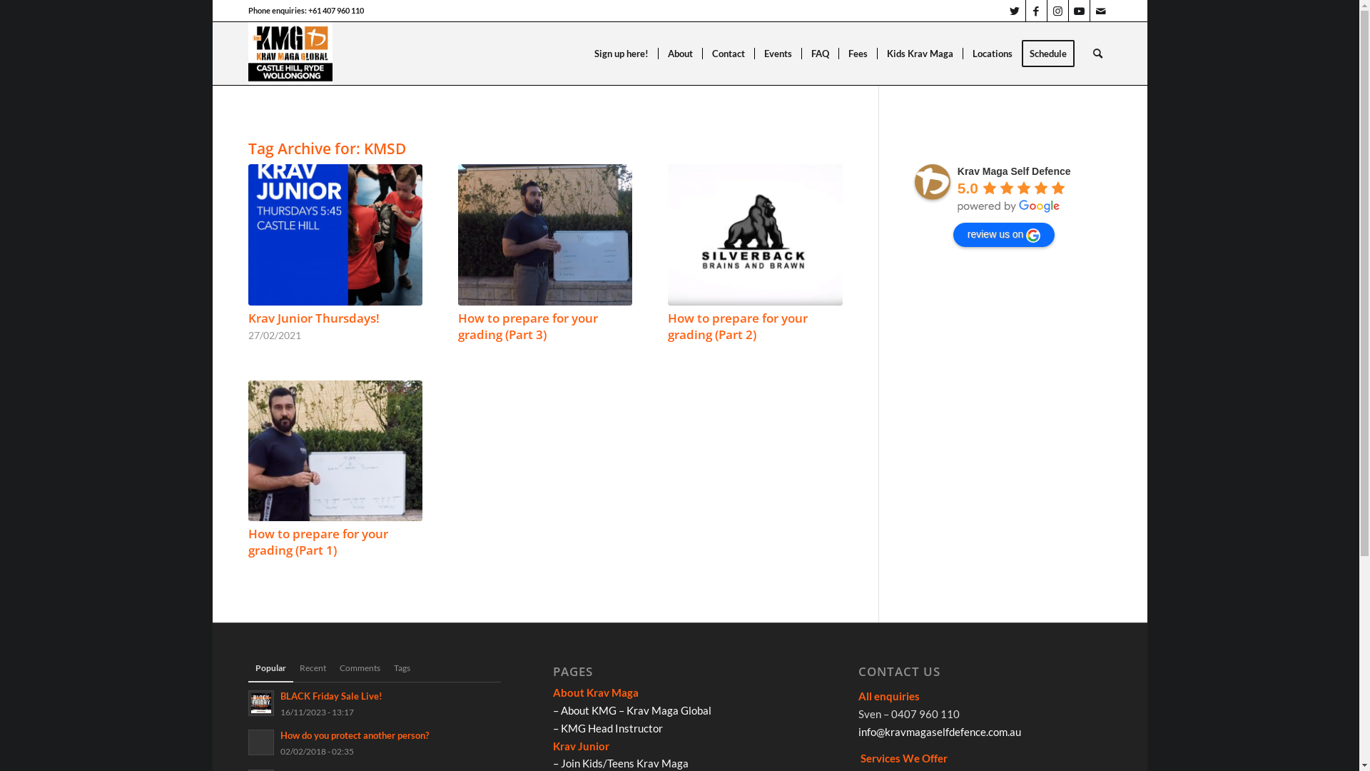 This screenshot has width=1370, height=771. Describe the element at coordinates (1047, 11) in the screenshot. I see `'Instagram'` at that location.